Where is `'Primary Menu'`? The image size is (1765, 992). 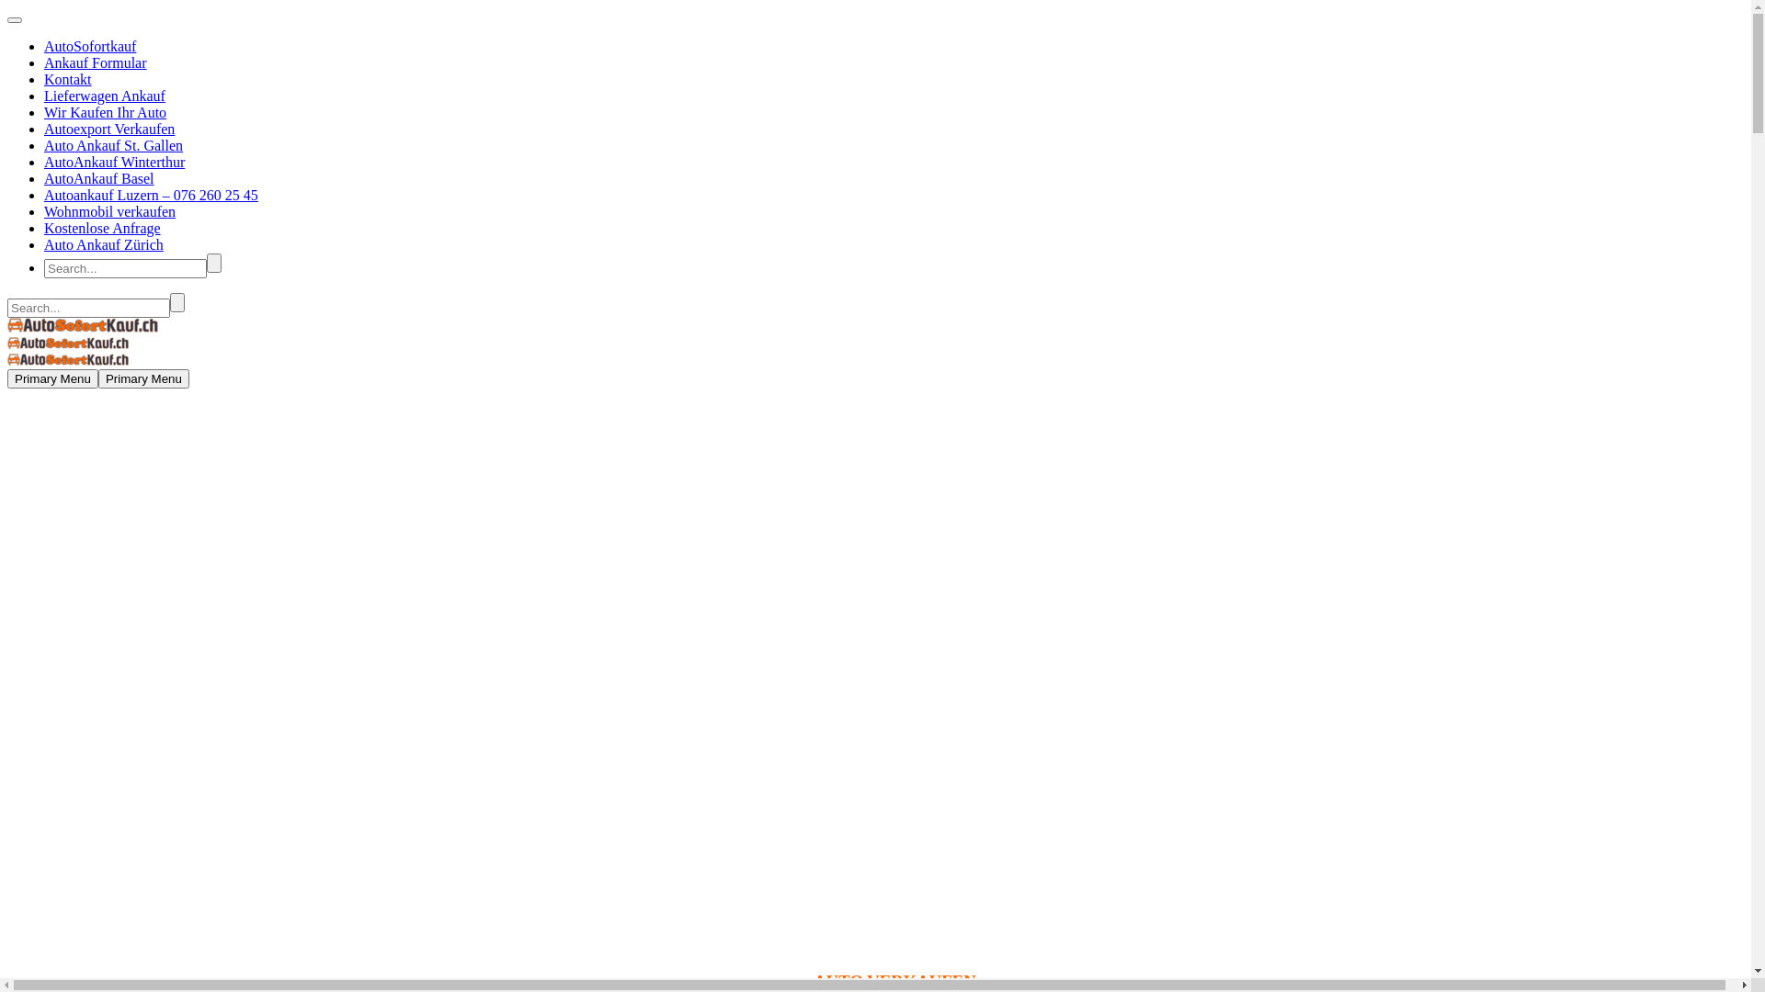 'Primary Menu' is located at coordinates (52, 378).